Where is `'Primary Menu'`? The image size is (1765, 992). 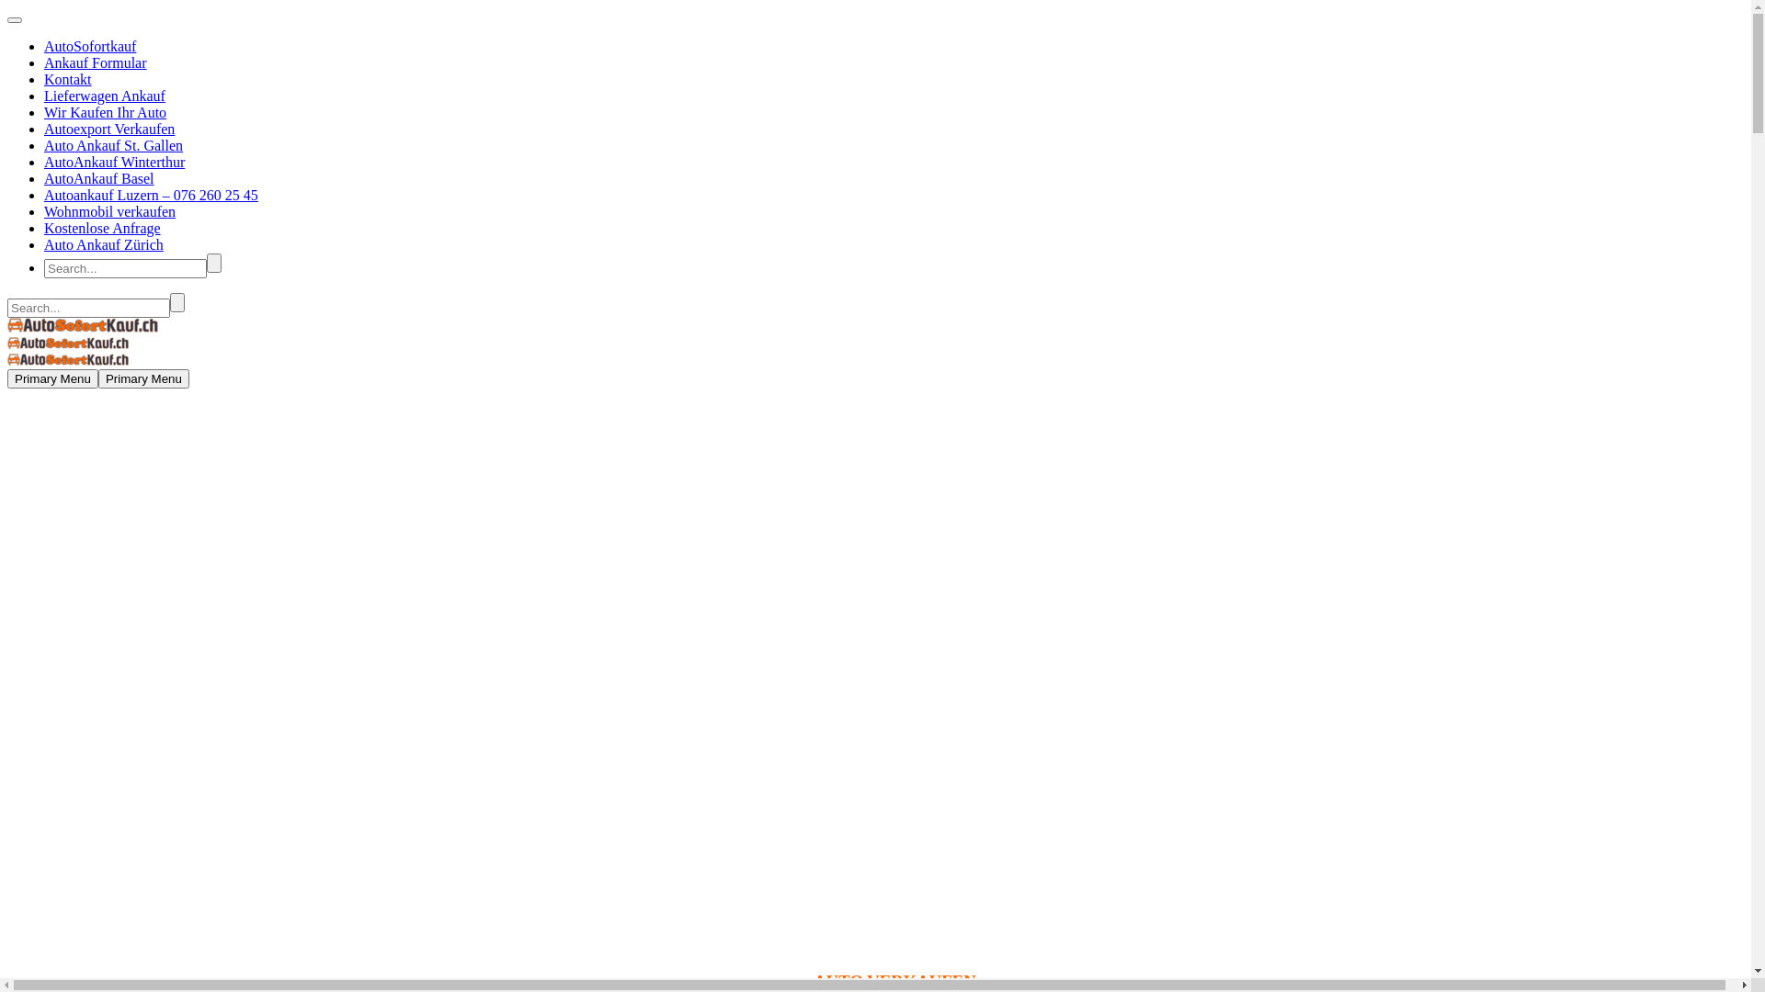 'Primary Menu' is located at coordinates (52, 378).